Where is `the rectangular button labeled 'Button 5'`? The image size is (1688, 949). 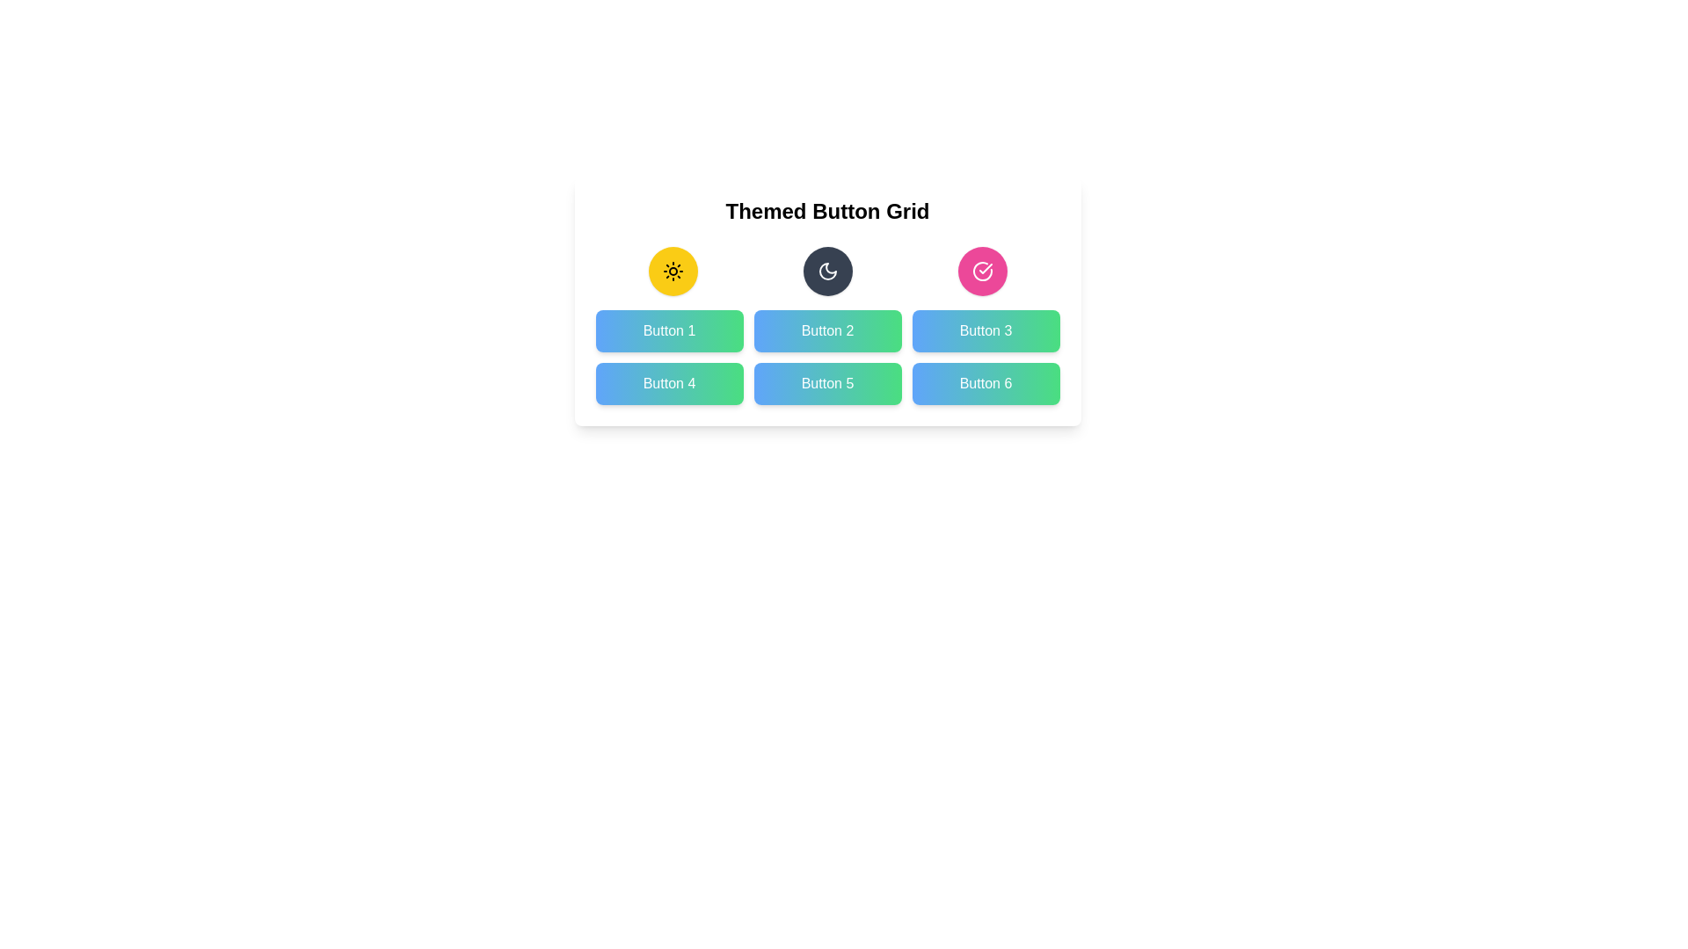 the rectangular button labeled 'Button 5' is located at coordinates (826, 382).